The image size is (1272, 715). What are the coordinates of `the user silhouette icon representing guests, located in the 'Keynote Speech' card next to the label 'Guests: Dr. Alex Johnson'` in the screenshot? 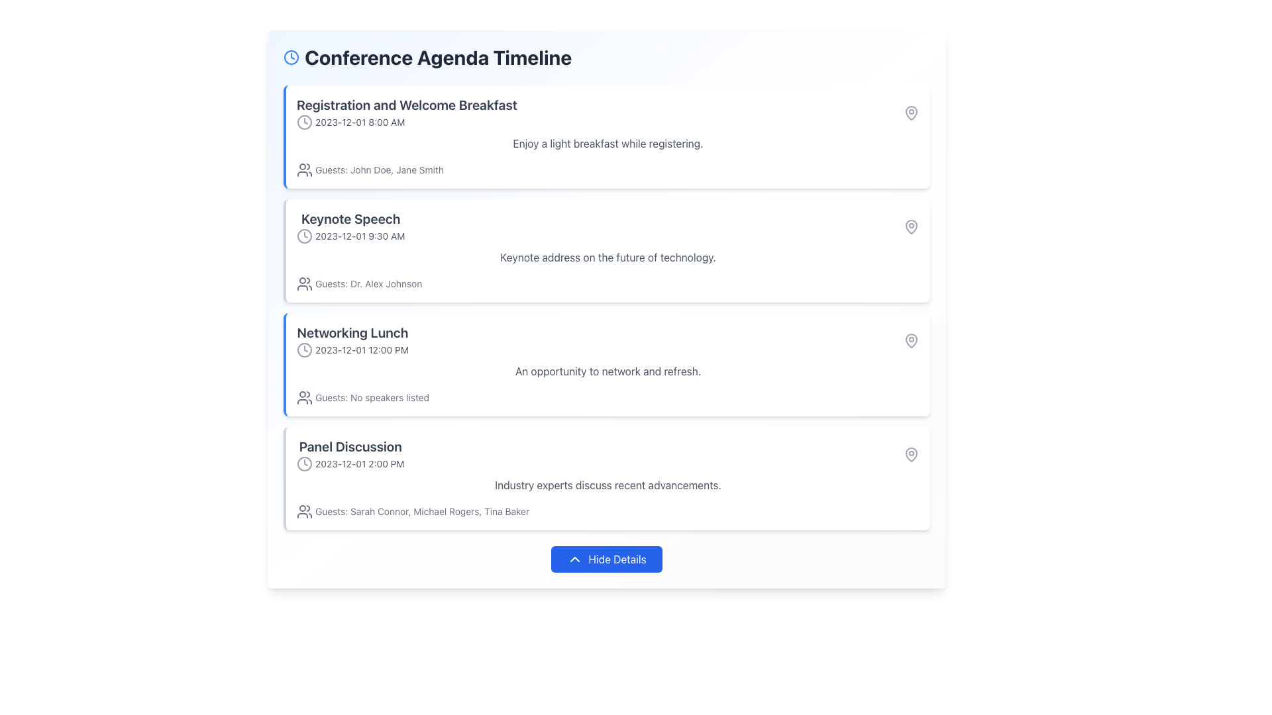 It's located at (304, 283).